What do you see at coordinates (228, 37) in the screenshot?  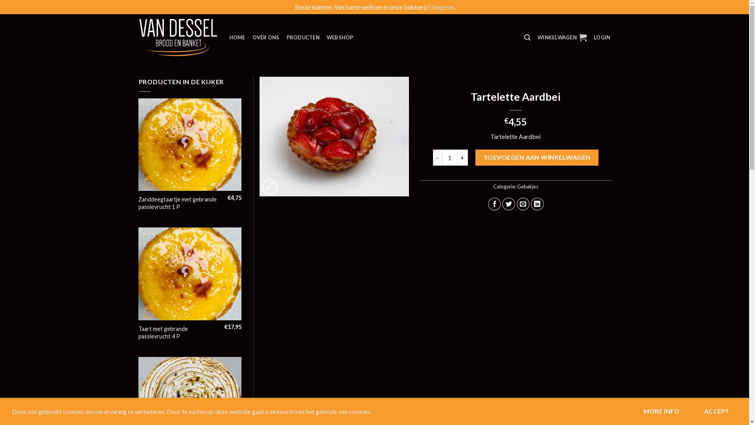 I see `'HOME'` at bounding box center [228, 37].